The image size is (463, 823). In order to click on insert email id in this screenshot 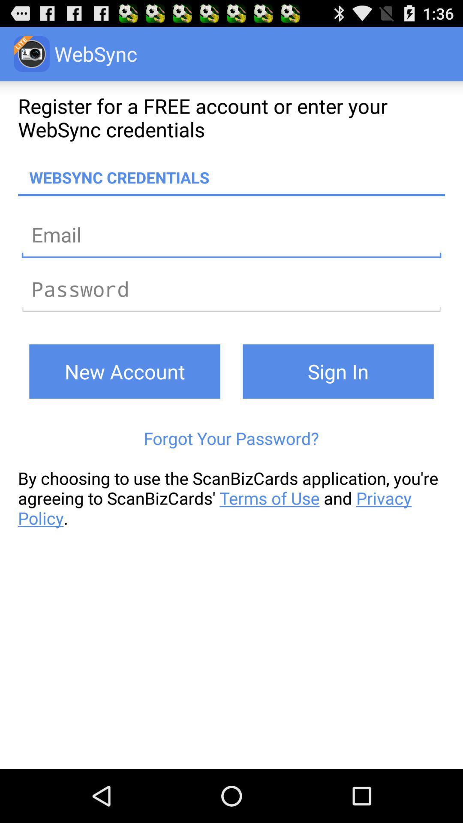, I will do `click(231, 234)`.